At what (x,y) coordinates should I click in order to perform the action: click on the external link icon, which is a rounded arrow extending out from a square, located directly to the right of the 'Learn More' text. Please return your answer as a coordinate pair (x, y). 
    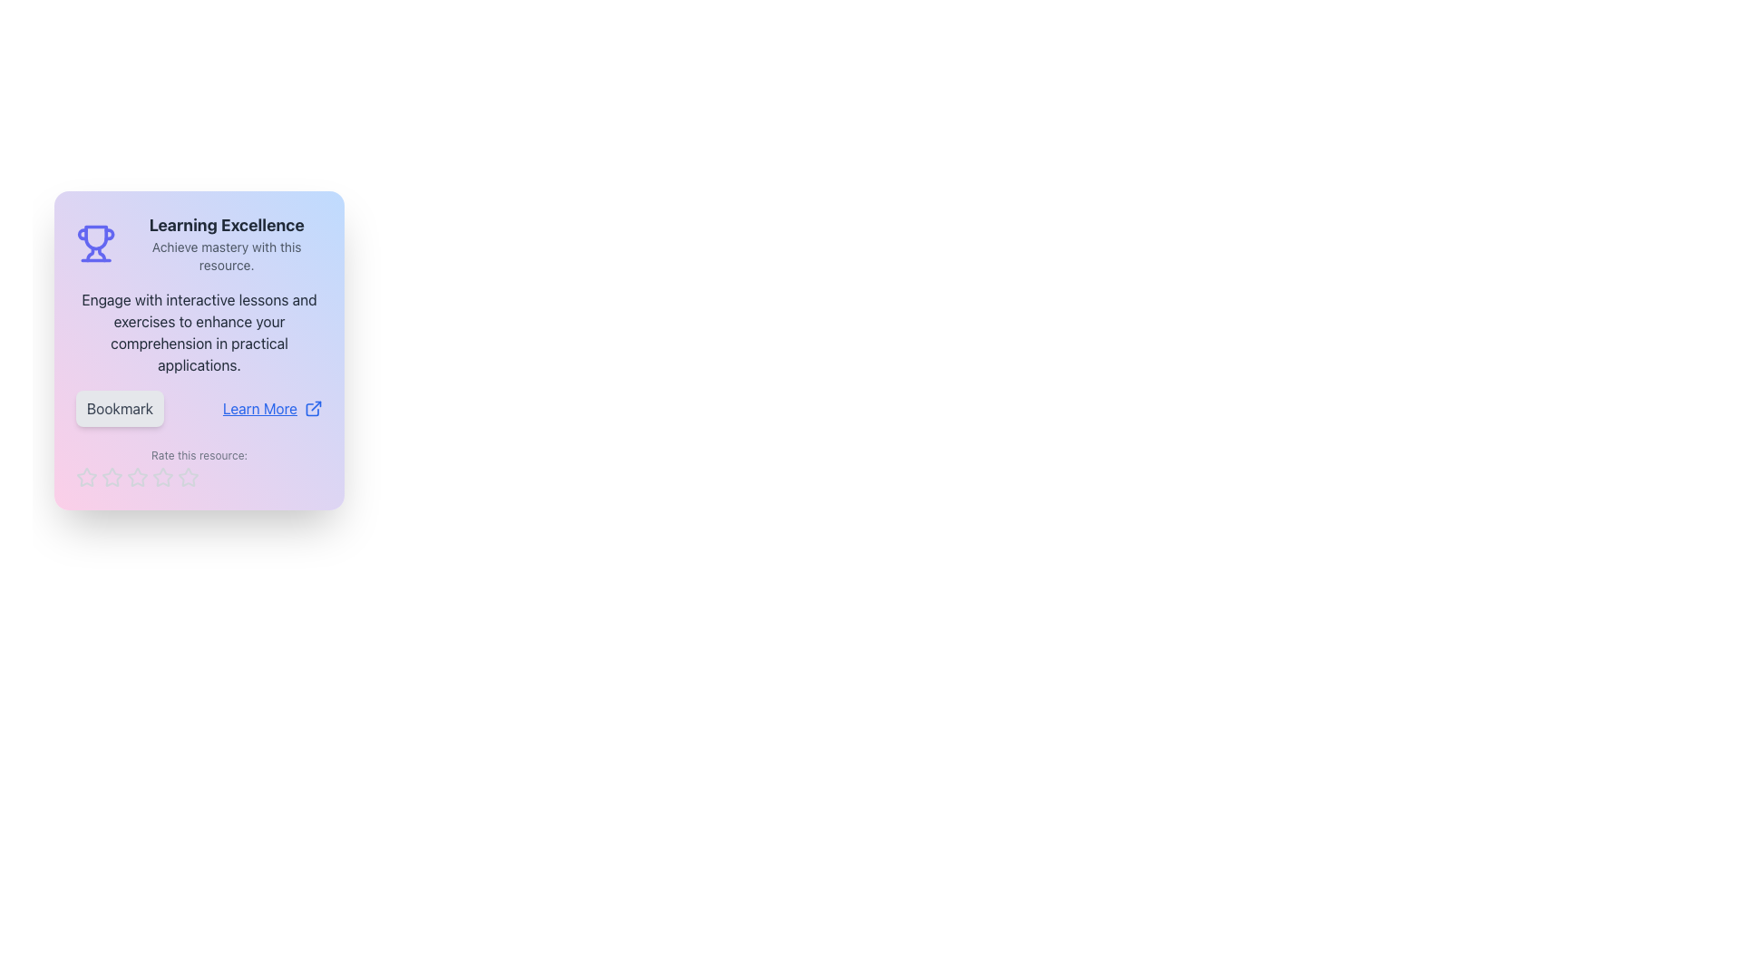
    Looking at the image, I should click on (313, 409).